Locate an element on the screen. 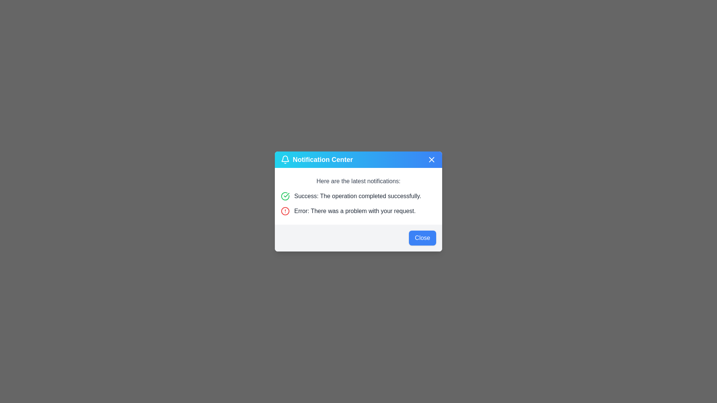  static text displaying 'Here are the latest notifications:' which is positioned at the top of the notifications section, just below the header 'Notification Center' is located at coordinates (358, 181).